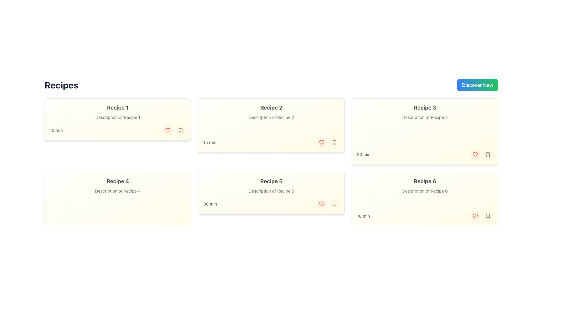 The image size is (579, 326). What do you see at coordinates (475, 154) in the screenshot?
I see `the heart-shaped icon with a red stroke, located in the bottom-right corner of the 'Recipe 6' card` at bounding box center [475, 154].